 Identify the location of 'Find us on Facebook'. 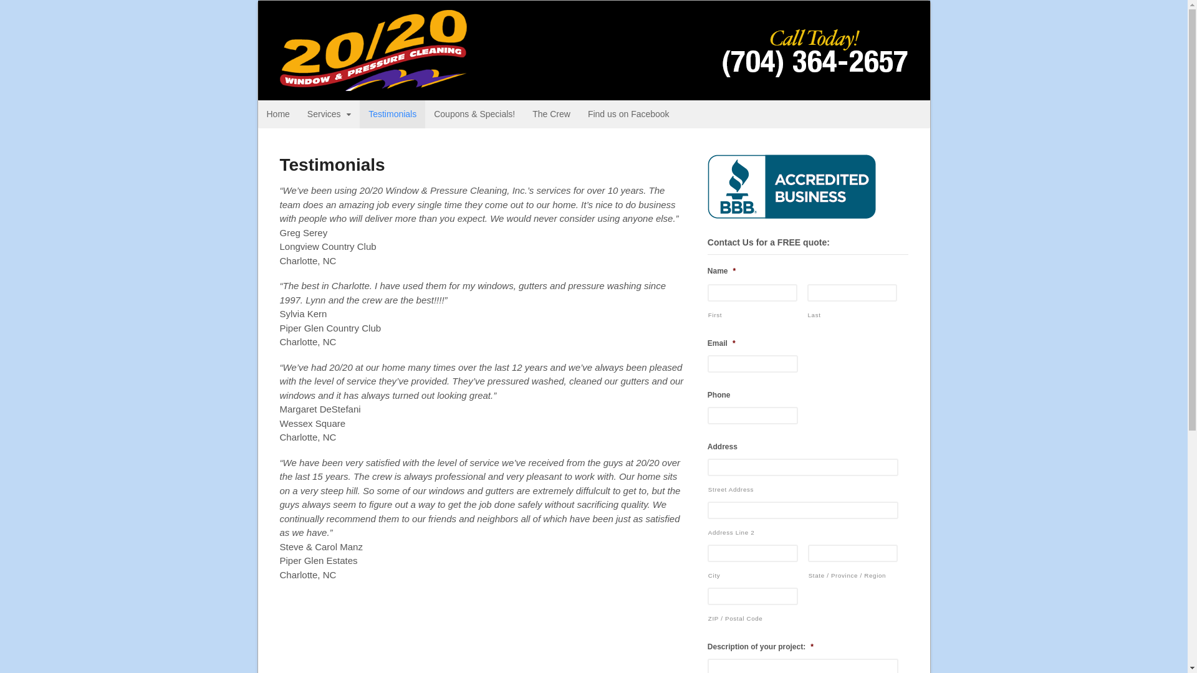
(628, 114).